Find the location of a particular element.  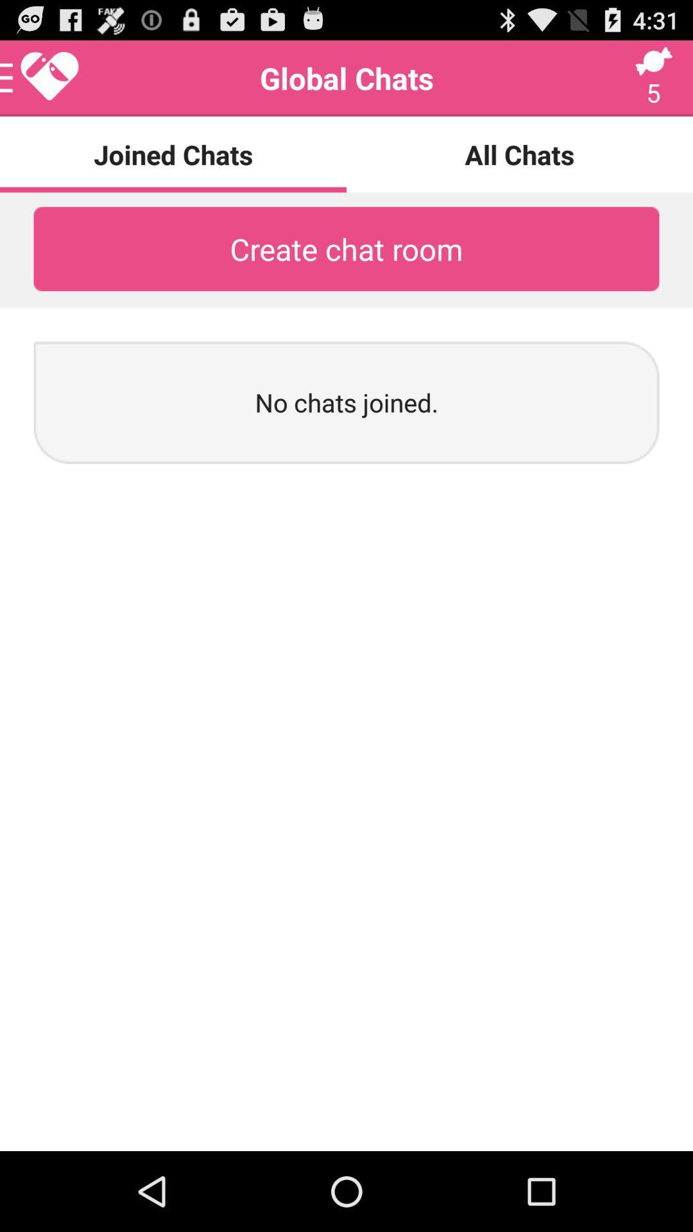

the icon next to all chats icon is located at coordinates (39, 78).